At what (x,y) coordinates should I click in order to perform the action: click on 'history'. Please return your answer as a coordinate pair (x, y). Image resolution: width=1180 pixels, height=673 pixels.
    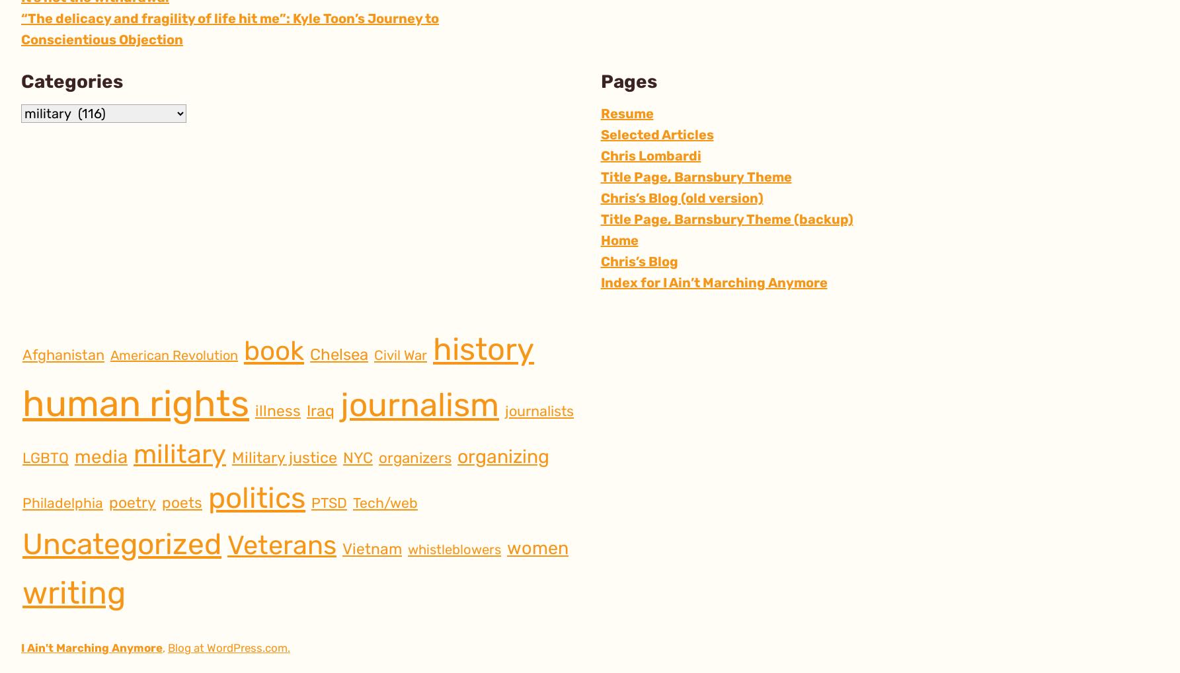
    Looking at the image, I should click on (483, 349).